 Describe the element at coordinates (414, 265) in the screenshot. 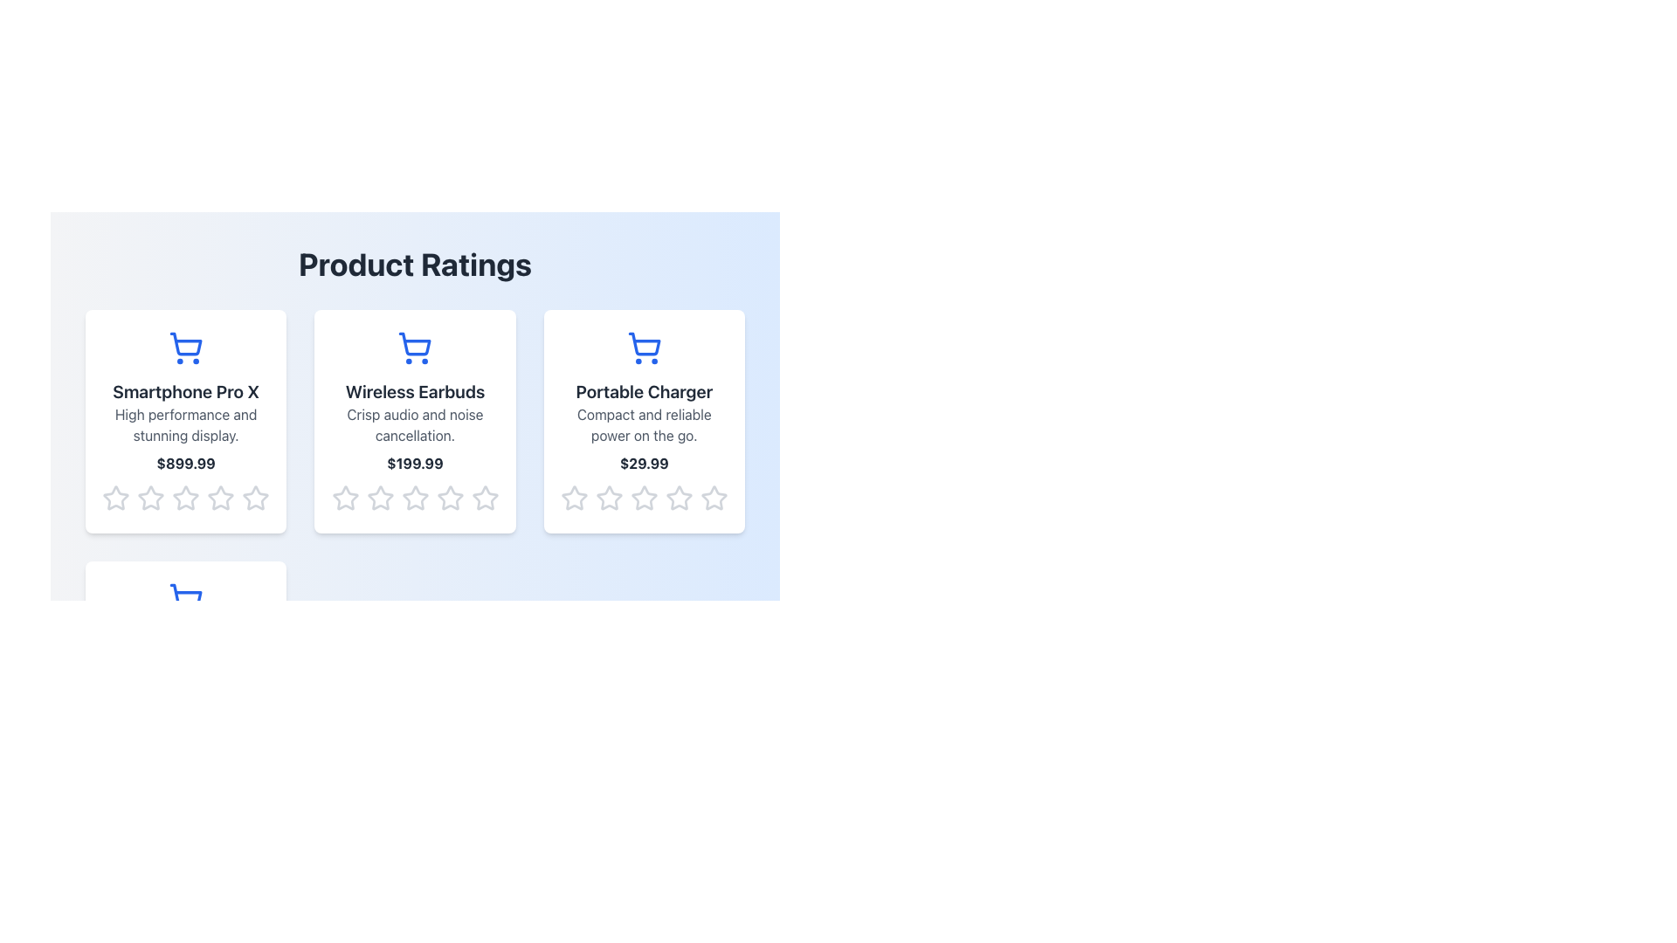

I see `the section title` at that location.